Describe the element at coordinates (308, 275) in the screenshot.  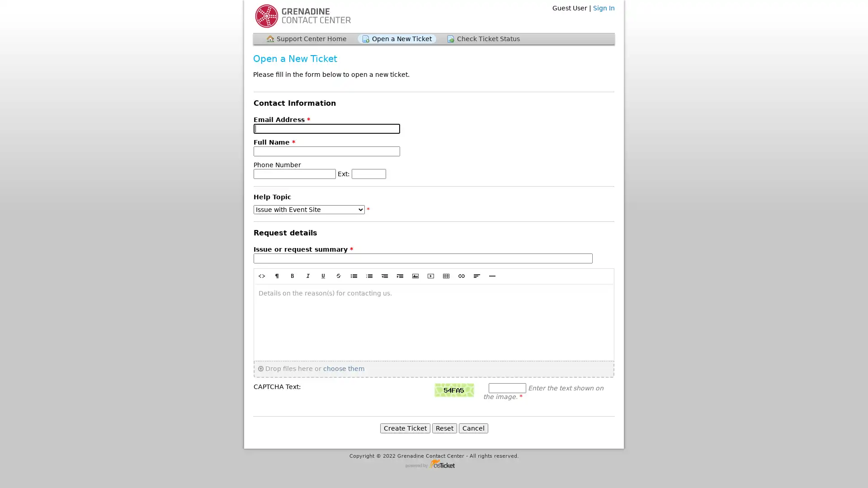
I see `Italic` at that location.